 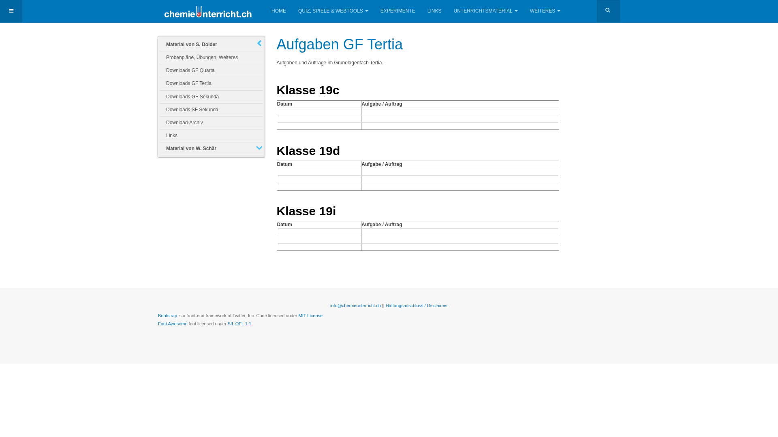 What do you see at coordinates (167, 315) in the screenshot?
I see `'Bootstrap'` at bounding box center [167, 315].